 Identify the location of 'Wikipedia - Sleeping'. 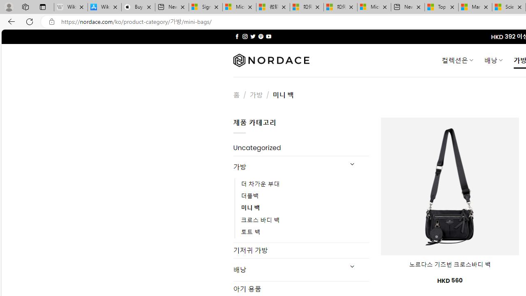
(71, 7).